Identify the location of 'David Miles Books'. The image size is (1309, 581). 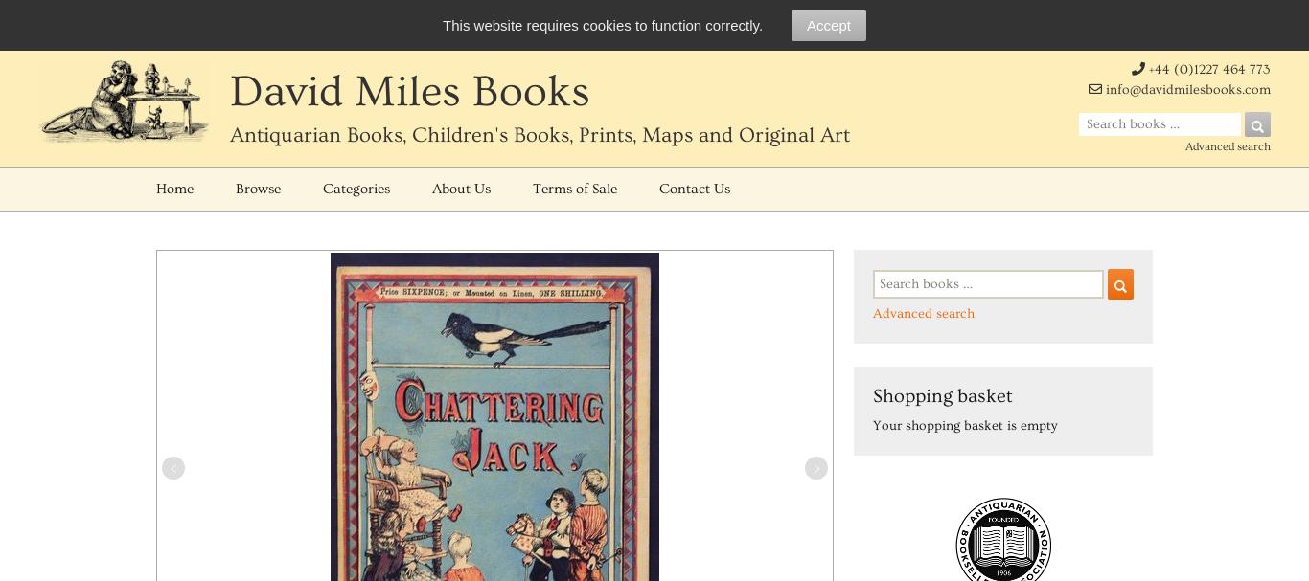
(408, 92).